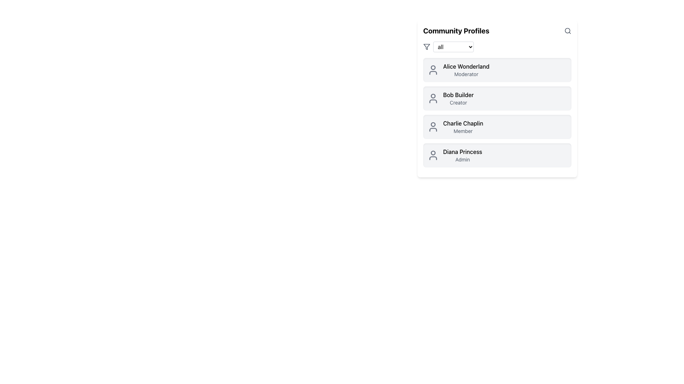  I want to click on the magnifying glass-shaped search icon located at the top-right corner of the 'Community Profiles' header, so click(567, 31).